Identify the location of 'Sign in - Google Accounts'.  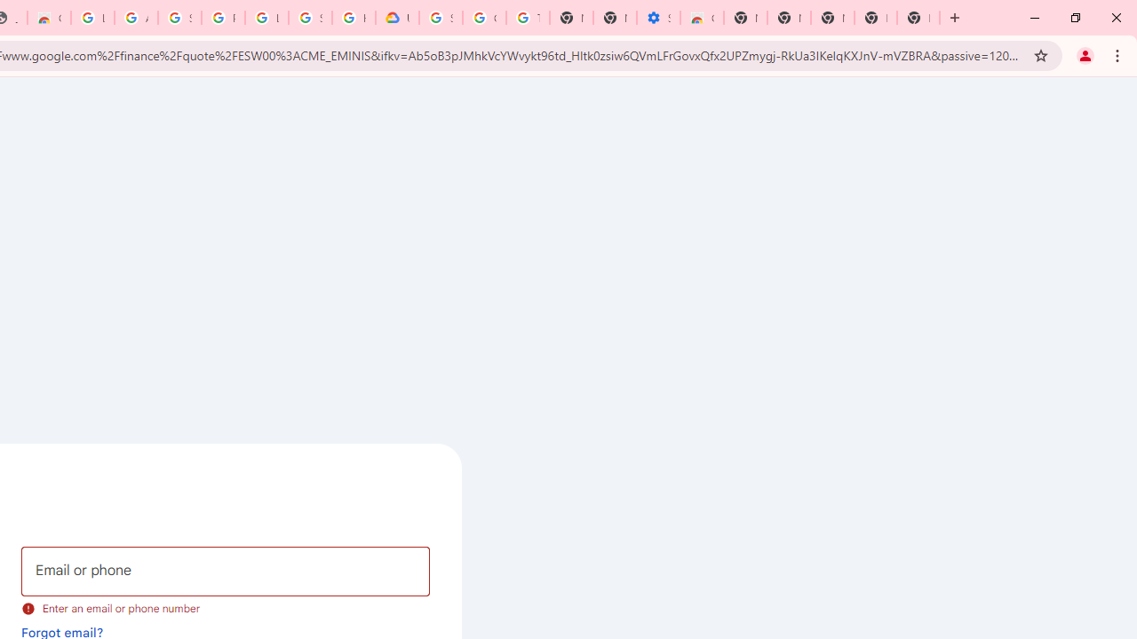
(179, 18).